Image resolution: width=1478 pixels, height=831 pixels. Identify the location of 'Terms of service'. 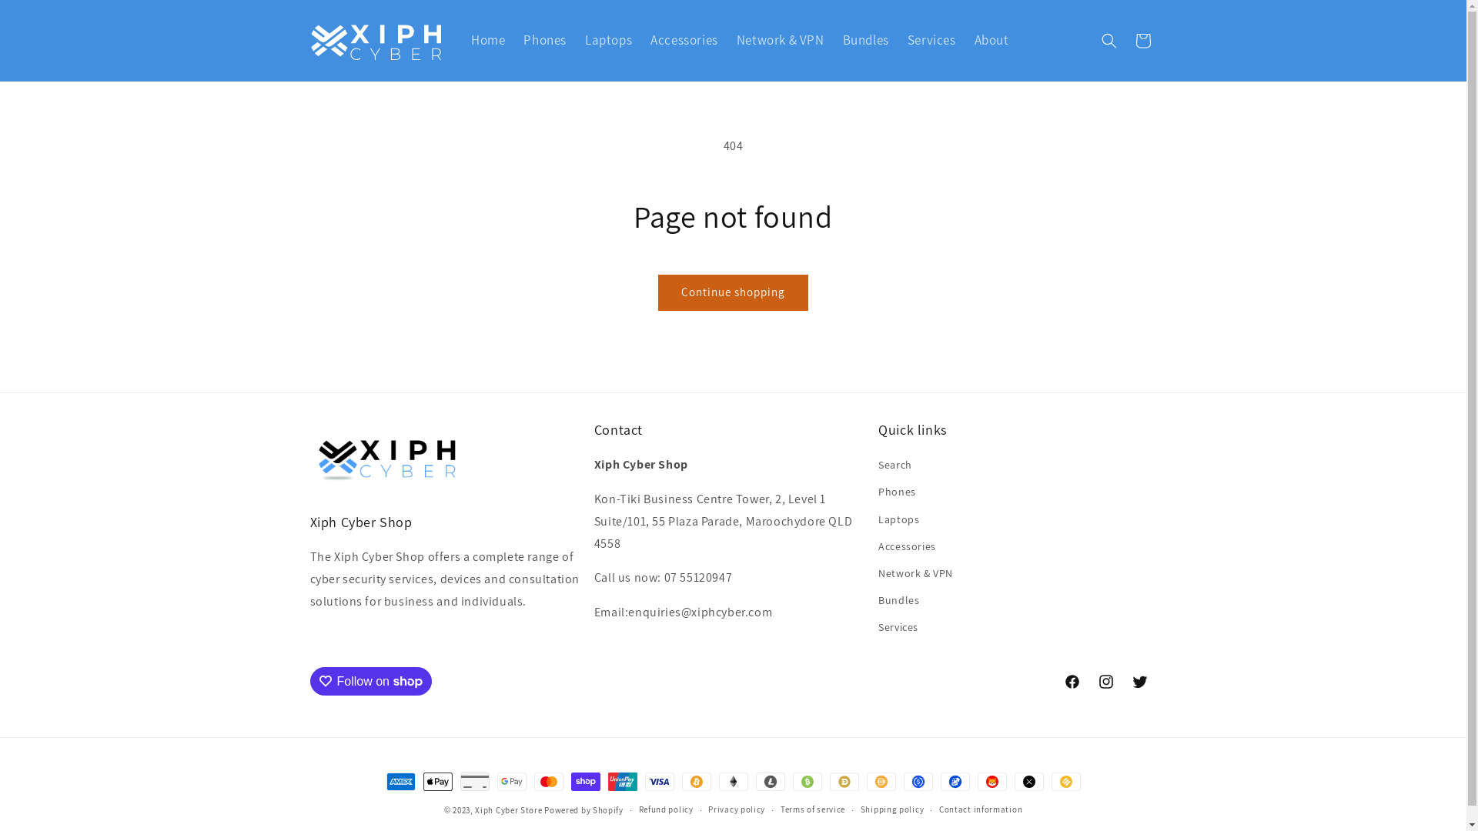
(812, 809).